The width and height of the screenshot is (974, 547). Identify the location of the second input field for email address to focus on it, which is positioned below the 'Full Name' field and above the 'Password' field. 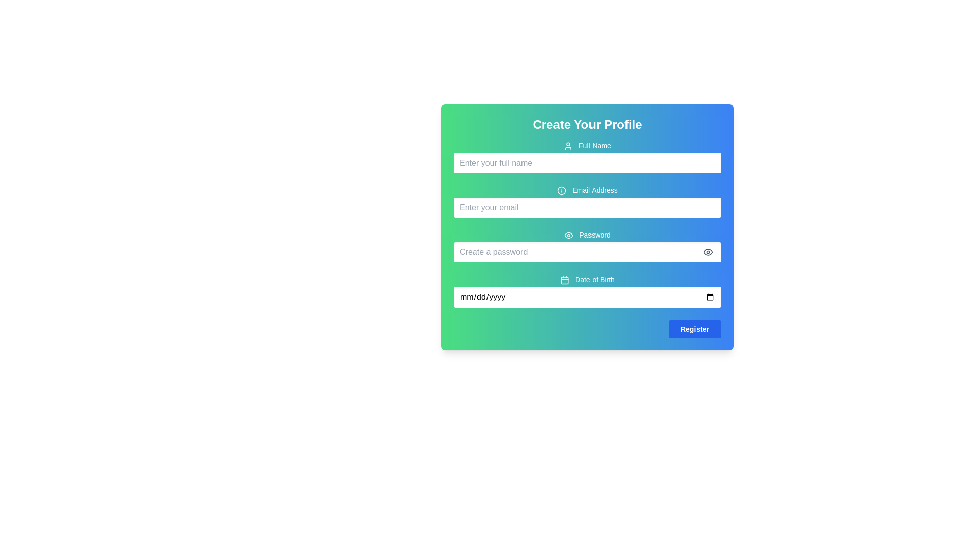
(587, 201).